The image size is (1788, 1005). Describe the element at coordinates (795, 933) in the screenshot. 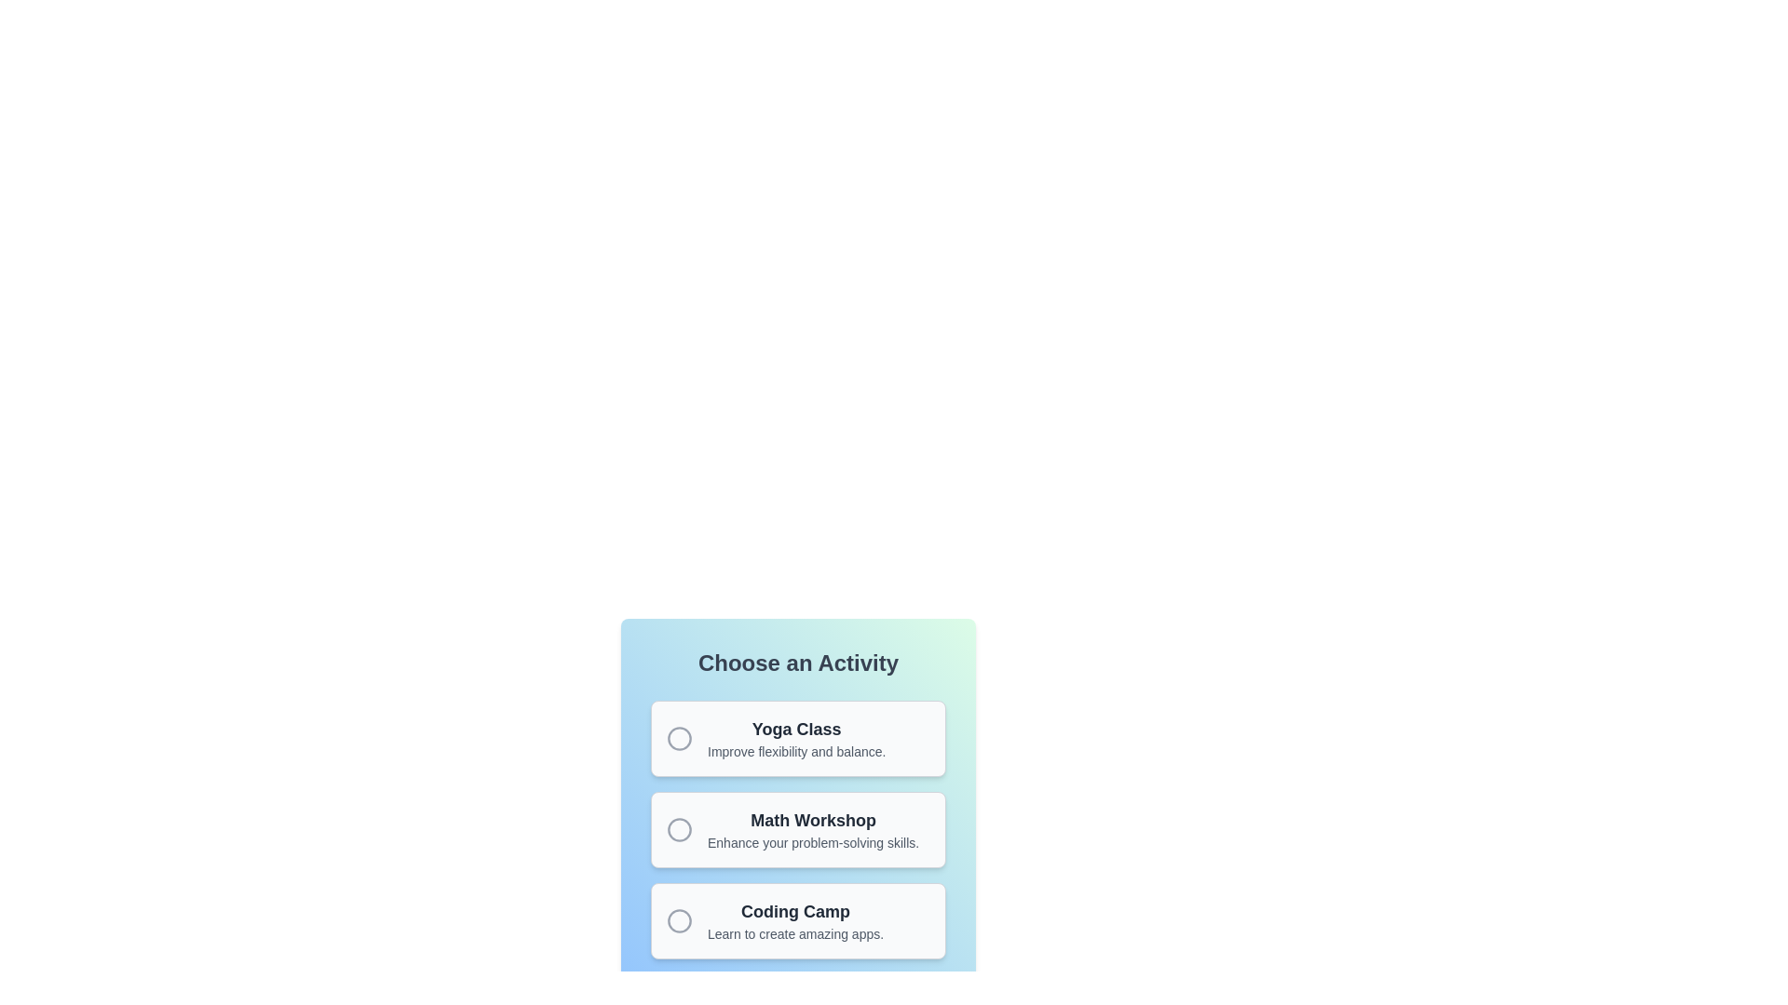

I see `the text label displaying the message 'Learn to create amazing apps.' located beneath the 'Coding Camp' title in the third choice card` at that location.